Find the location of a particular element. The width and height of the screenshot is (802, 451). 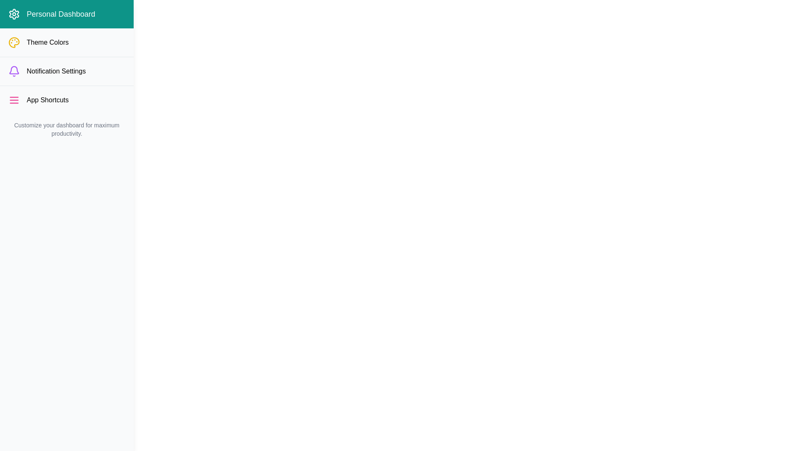

the menu item Notification Settings in the DashboardCustomizerDrawer is located at coordinates (66, 71).